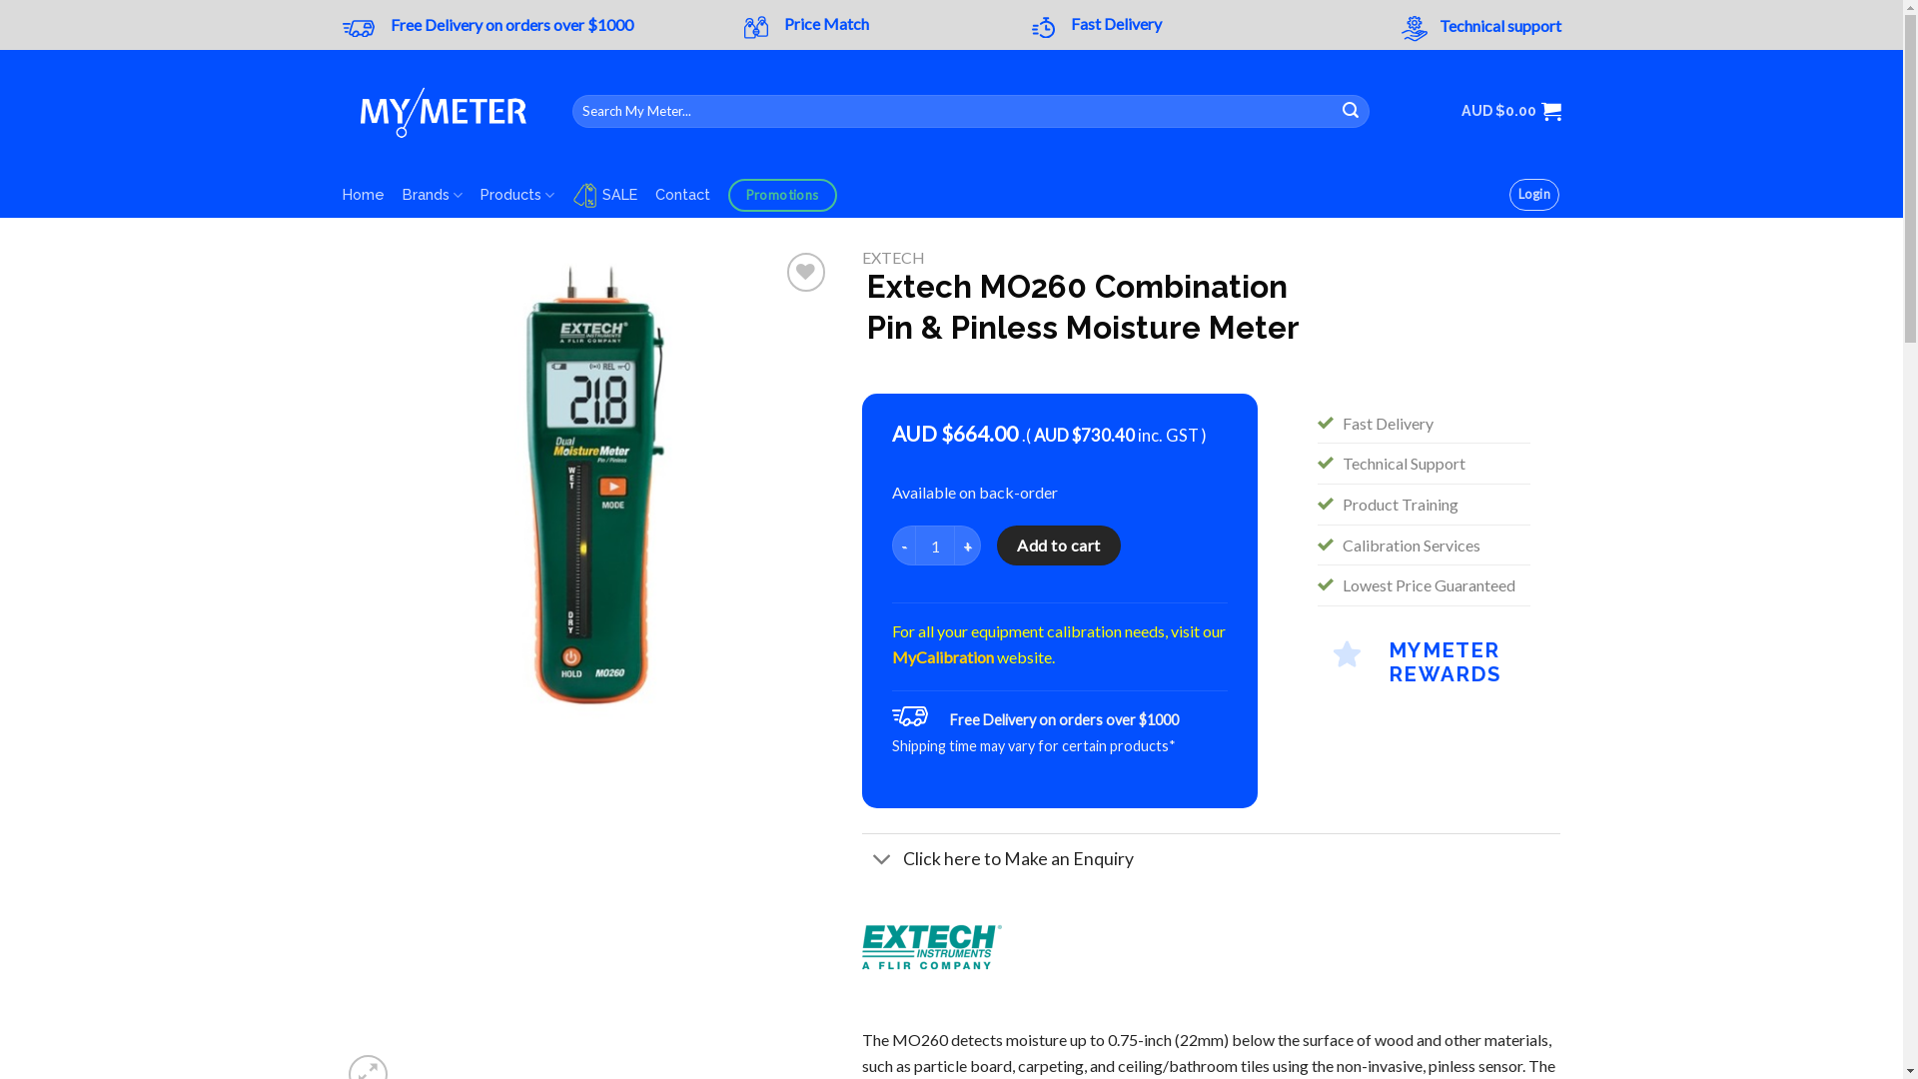 The height and width of the screenshot is (1079, 1918). Describe the element at coordinates (1533, 195) in the screenshot. I see `'Login'` at that location.